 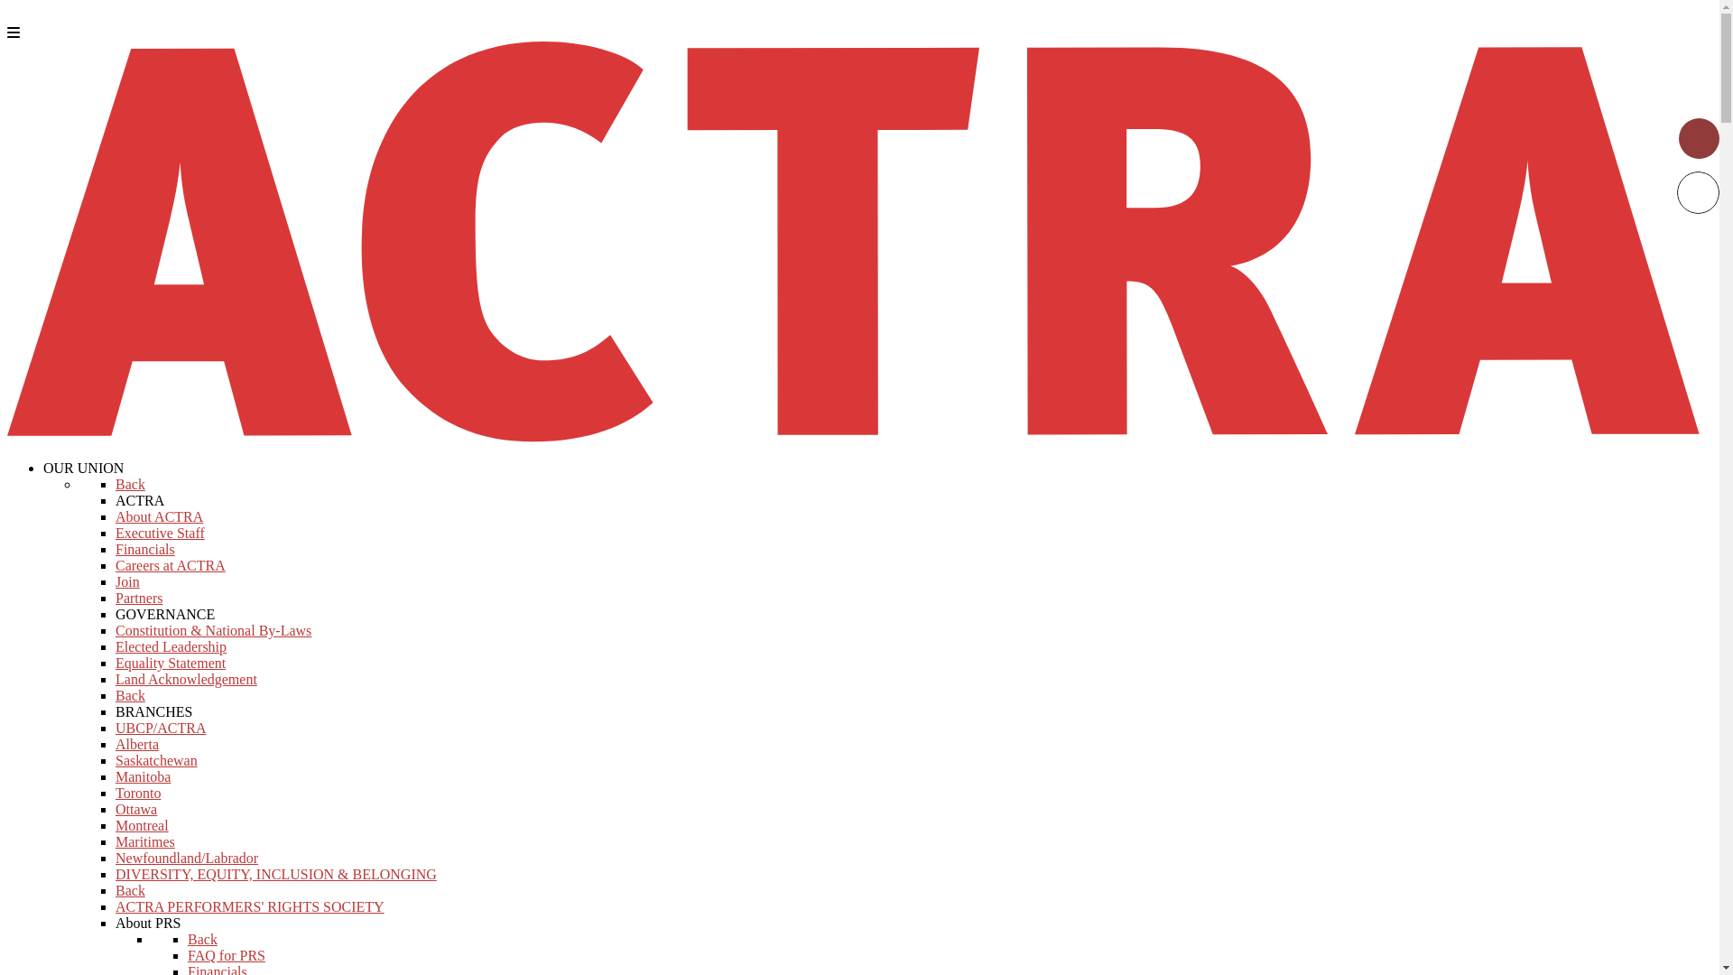 What do you see at coordinates (170, 564) in the screenshot?
I see `'Careers at ACTRA'` at bounding box center [170, 564].